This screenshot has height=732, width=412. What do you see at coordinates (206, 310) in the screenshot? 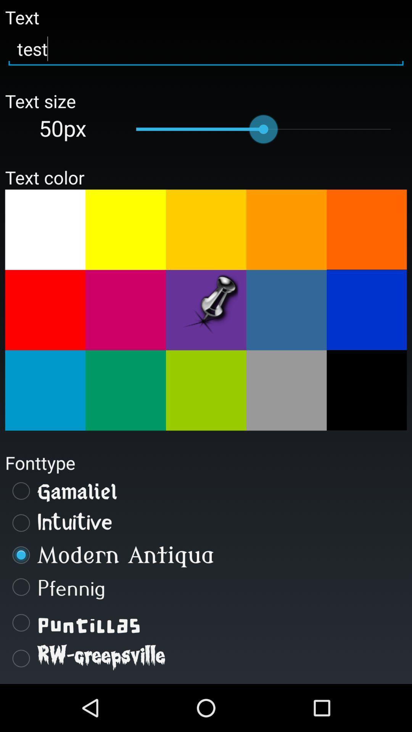
I see `pin color` at bounding box center [206, 310].